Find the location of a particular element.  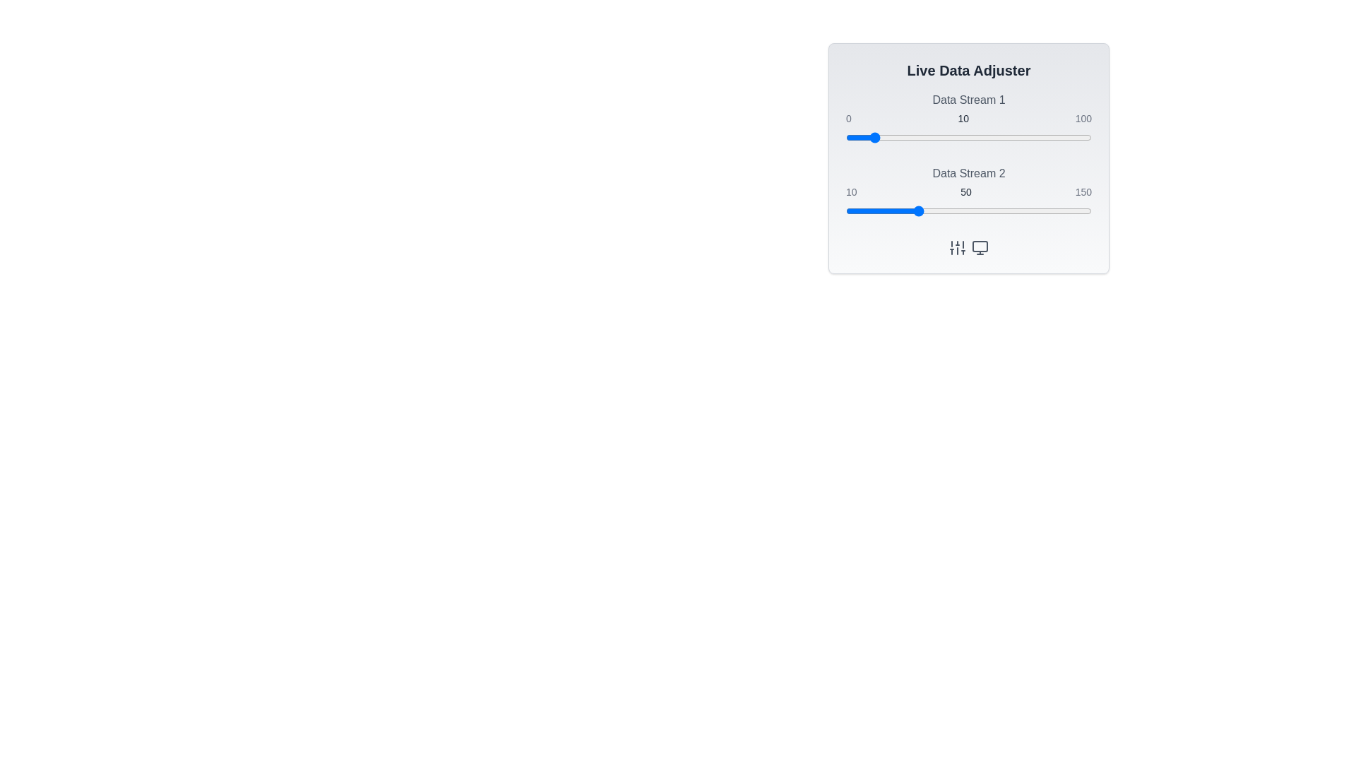

the Data Stream 1 value is located at coordinates (889, 138).